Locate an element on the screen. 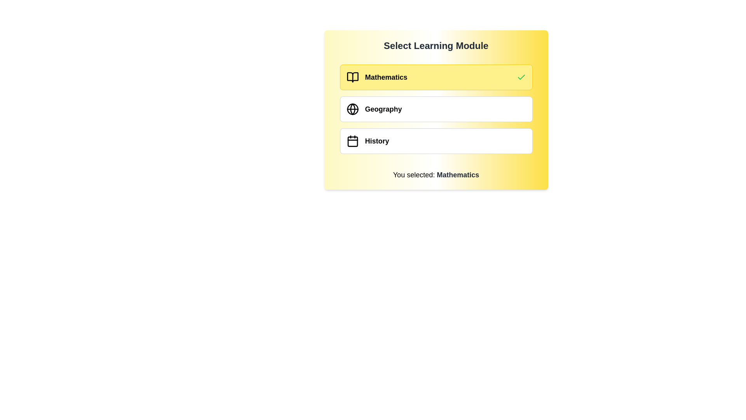 The width and height of the screenshot is (746, 420). the globe icon representing the 'Geography' module, located to the left of the text 'Geography' in the second option box of the module list is located at coordinates (352, 109).